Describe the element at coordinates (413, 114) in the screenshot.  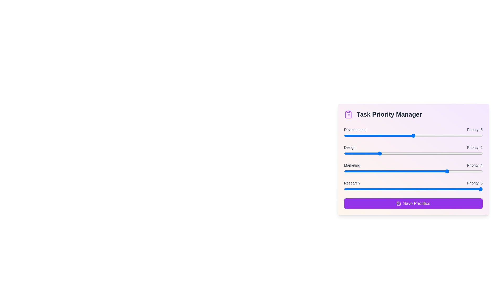
I see `the 'Task Priority Manager' header to focus or highlight it` at that location.